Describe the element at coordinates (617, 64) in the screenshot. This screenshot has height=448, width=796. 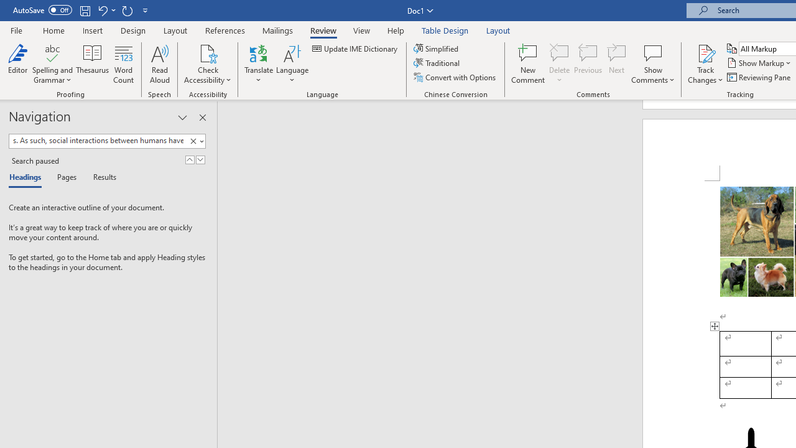
I see `'Next'` at that location.